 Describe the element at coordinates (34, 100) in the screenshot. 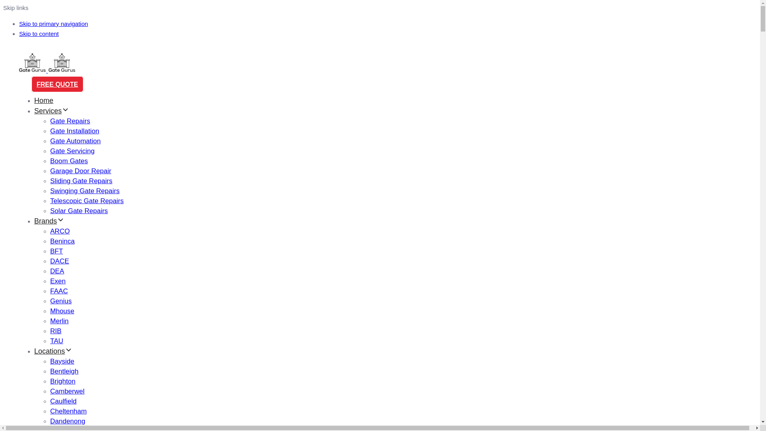

I see `'Home'` at that location.